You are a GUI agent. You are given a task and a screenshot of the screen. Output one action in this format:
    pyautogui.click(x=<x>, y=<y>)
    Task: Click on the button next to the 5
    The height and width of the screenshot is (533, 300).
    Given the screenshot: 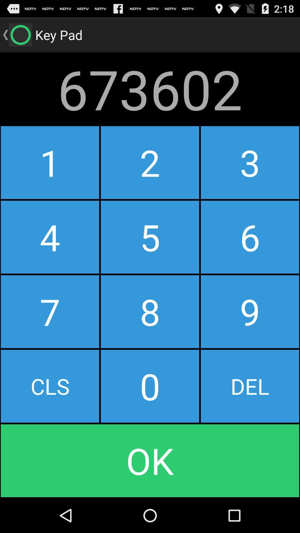 What is the action you would take?
    pyautogui.click(x=249, y=311)
    